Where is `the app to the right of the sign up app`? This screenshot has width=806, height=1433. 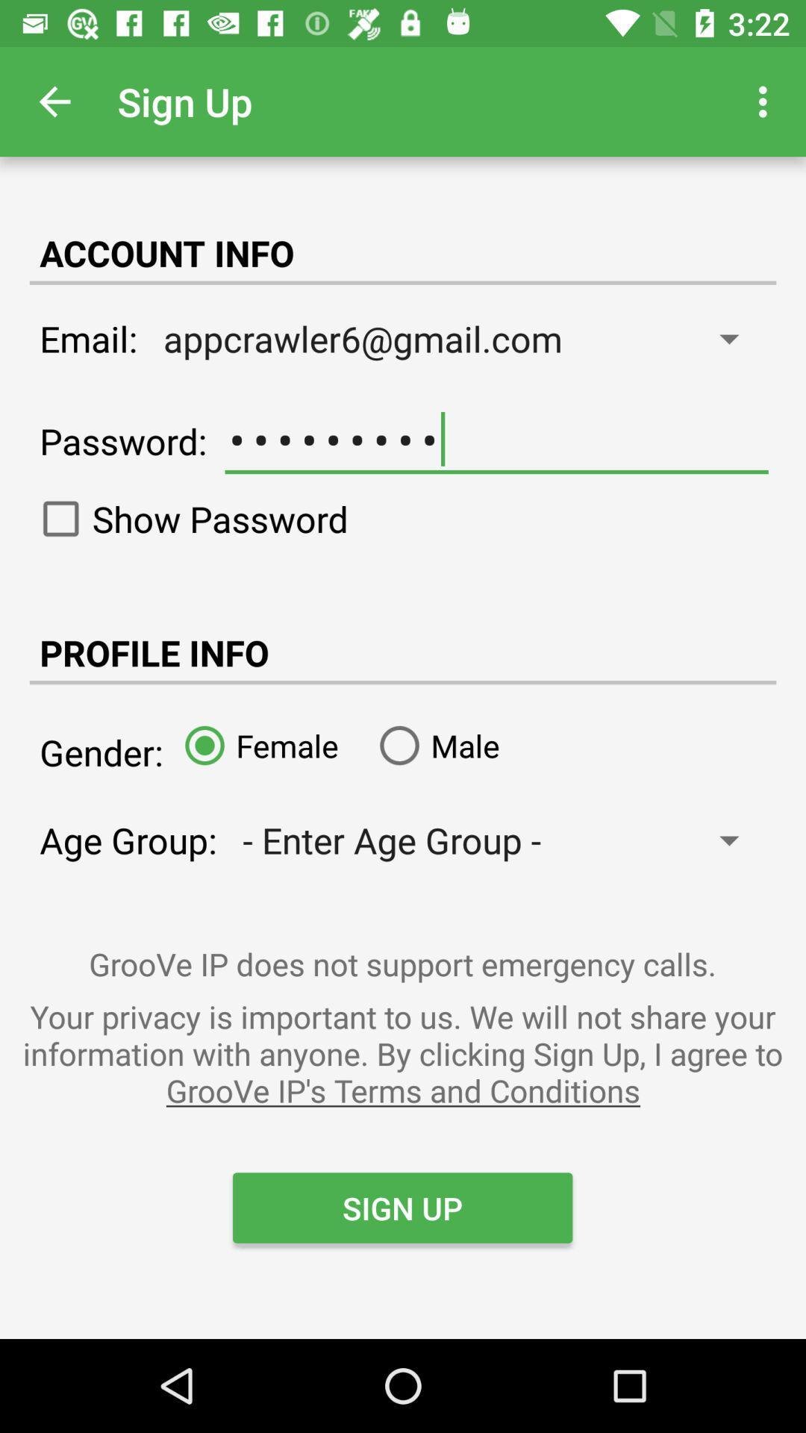 the app to the right of the sign up app is located at coordinates (766, 101).